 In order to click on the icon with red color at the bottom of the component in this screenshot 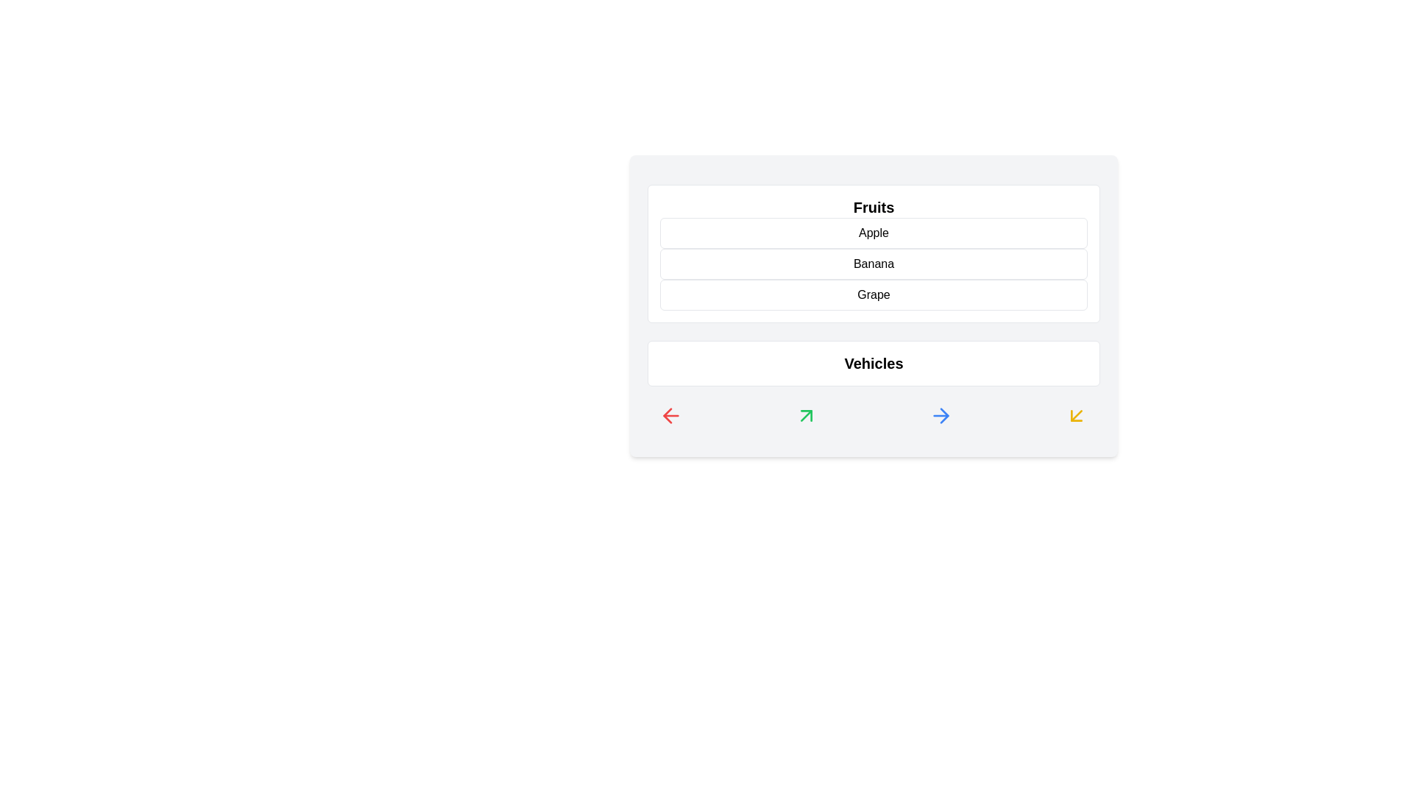, I will do `click(670, 415)`.